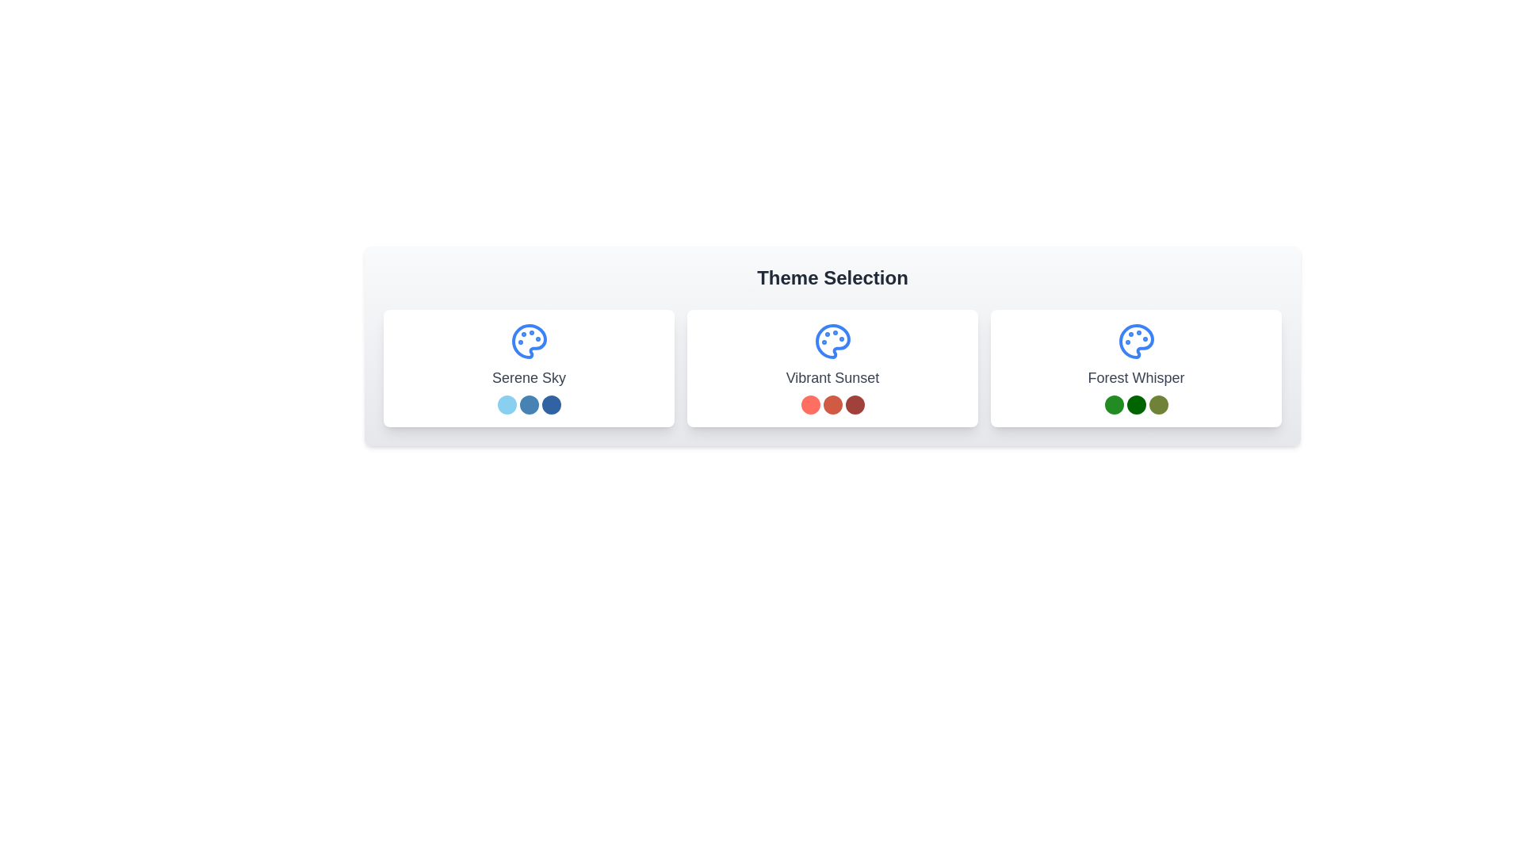 The width and height of the screenshot is (1522, 856). Describe the element at coordinates (529, 403) in the screenshot. I see `the grouped color indicators located beneath the 'Serene Sky' title and color palette icon in the left card of the three-card layout` at that location.